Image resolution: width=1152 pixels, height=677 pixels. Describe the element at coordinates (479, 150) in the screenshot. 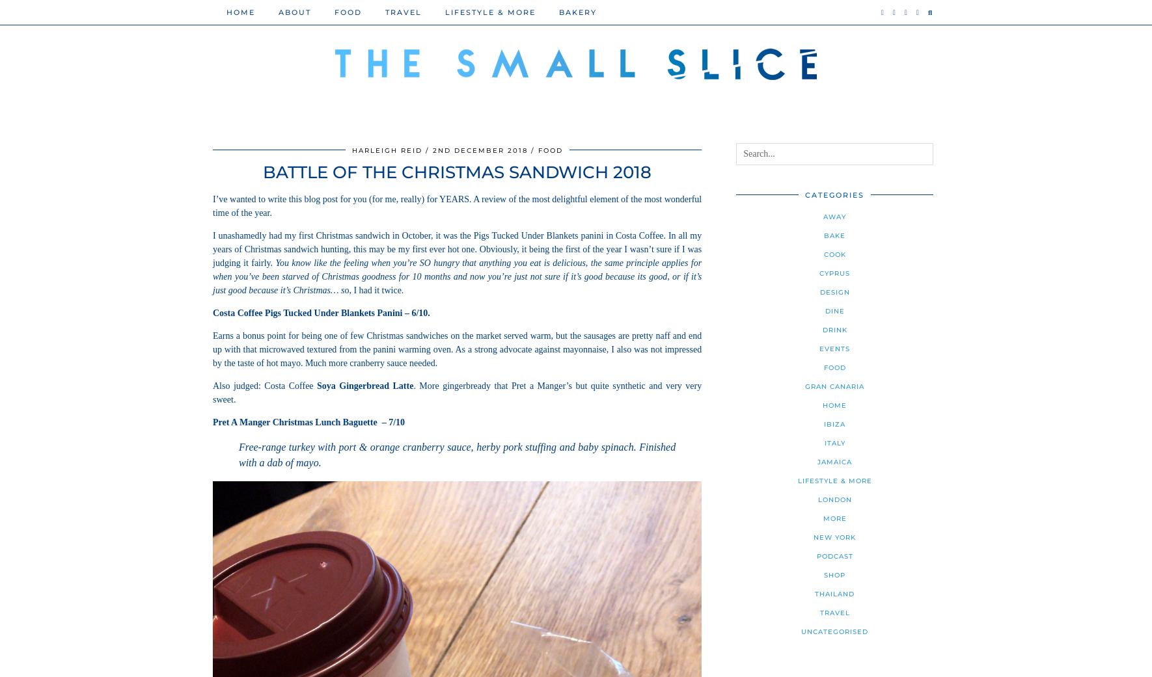

I see `'2nd December 2018'` at that location.